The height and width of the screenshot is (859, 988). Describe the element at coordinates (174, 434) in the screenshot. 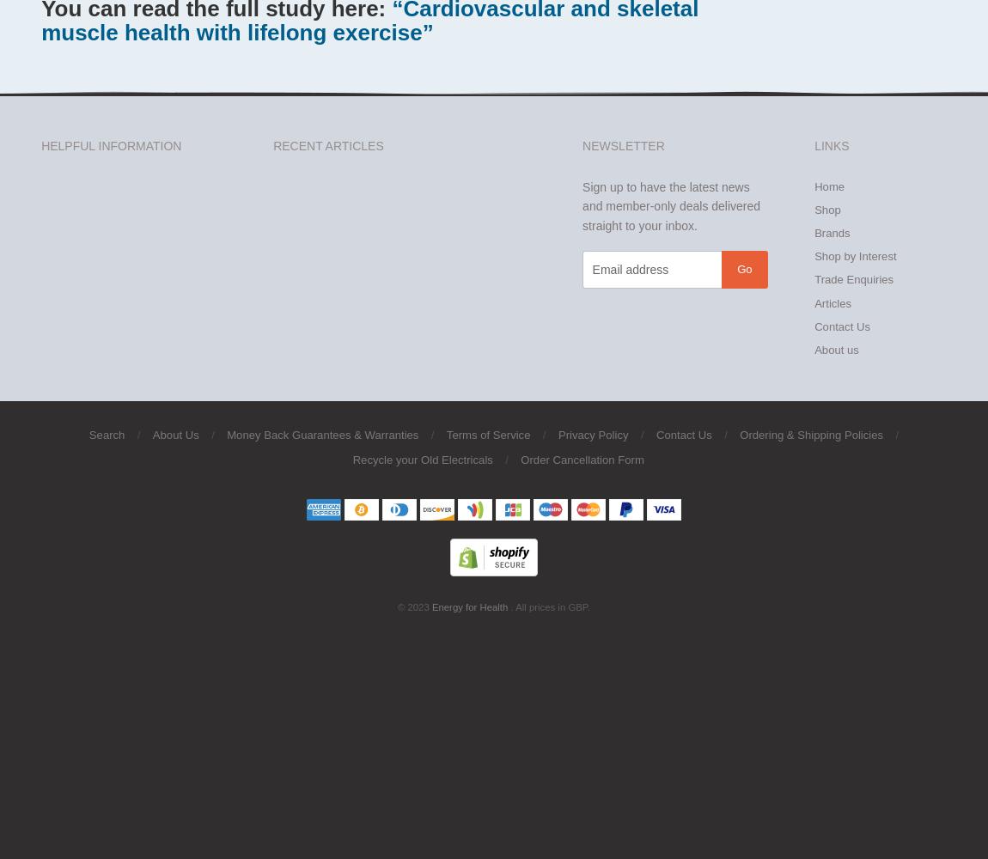

I see `'About Us'` at that location.